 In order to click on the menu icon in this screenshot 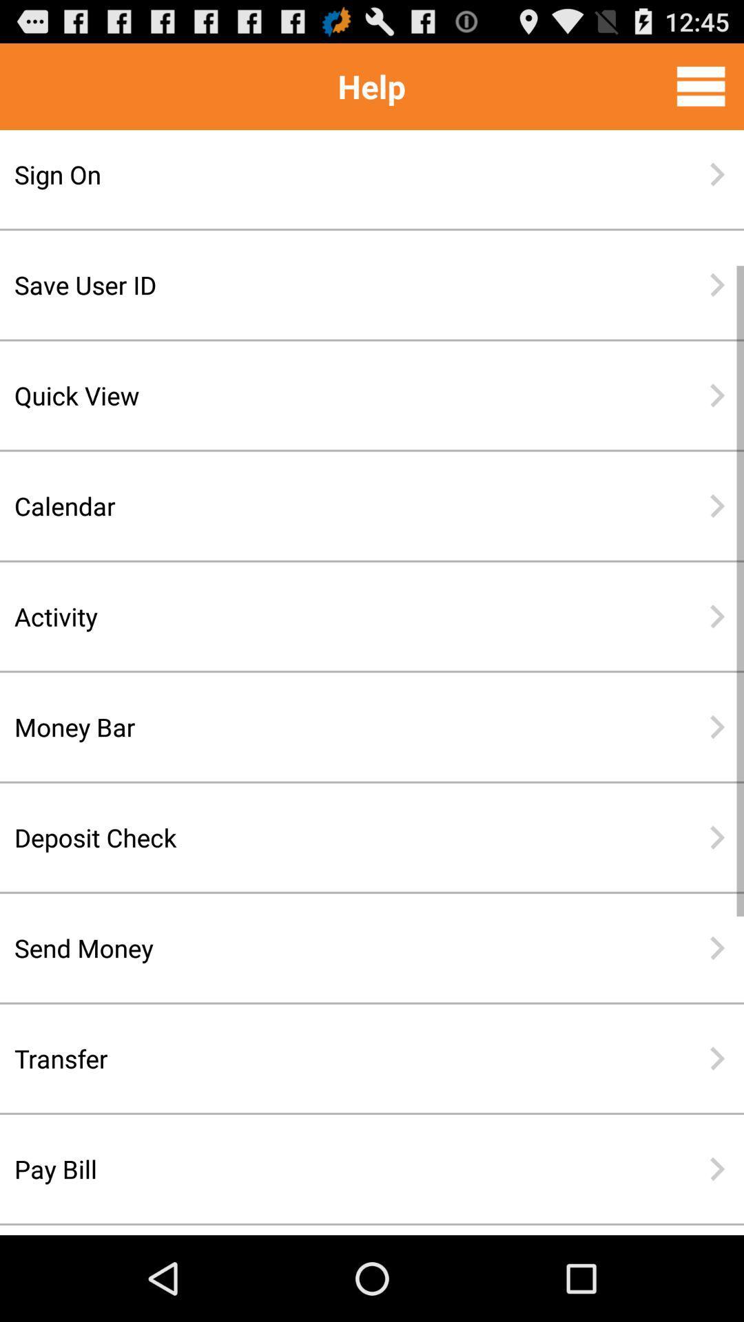, I will do `click(701, 92)`.